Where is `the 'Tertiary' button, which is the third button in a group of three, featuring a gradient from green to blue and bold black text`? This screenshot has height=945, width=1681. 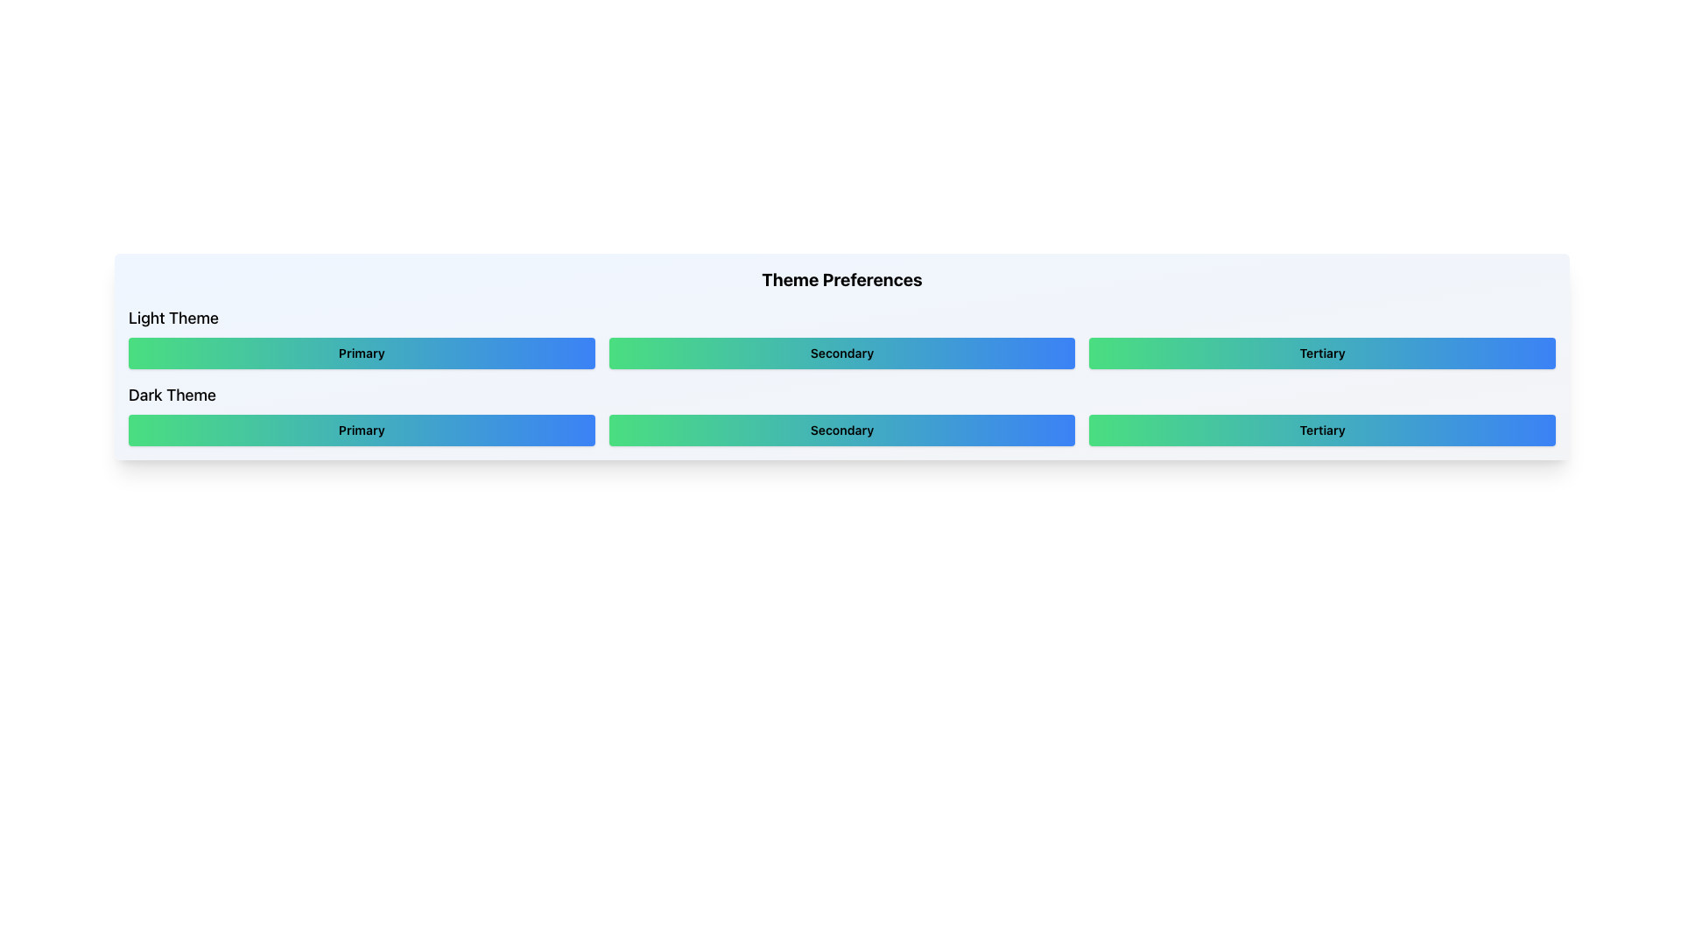
the 'Tertiary' button, which is the third button in a group of three, featuring a gradient from green to blue and bold black text is located at coordinates (1322, 430).